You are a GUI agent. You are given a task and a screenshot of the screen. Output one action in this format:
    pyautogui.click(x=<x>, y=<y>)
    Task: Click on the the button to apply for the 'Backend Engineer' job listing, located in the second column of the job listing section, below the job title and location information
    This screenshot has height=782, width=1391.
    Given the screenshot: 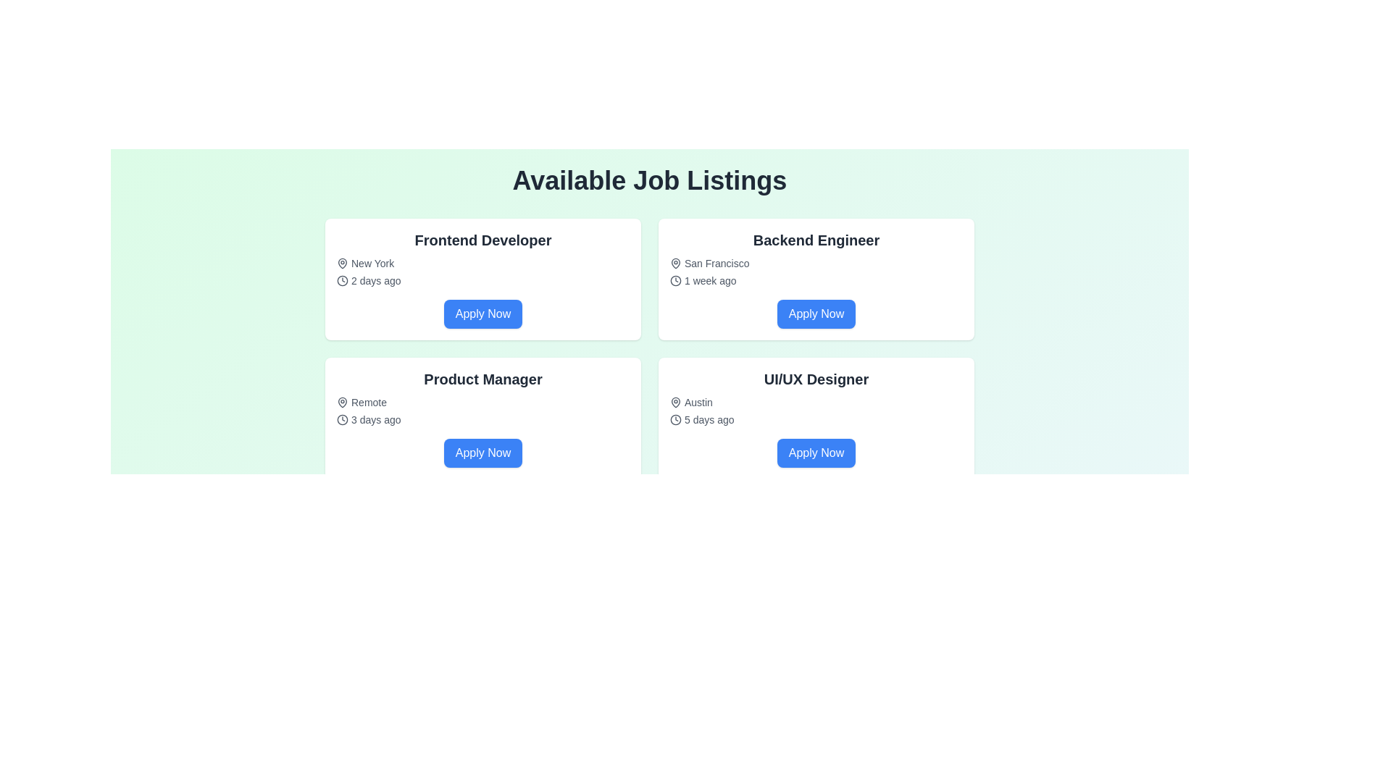 What is the action you would take?
    pyautogui.click(x=816, y=314)
    